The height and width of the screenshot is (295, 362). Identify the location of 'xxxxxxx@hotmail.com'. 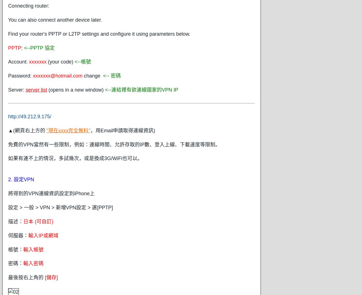
(58, 75).